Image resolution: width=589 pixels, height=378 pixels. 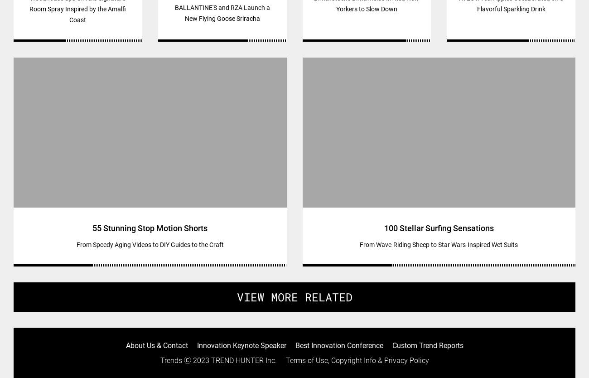 What do you see at coordinates (294, 296) in the screenshot?
I see `'VIEW MORE RELATED'` at bounding box center [294, 296].